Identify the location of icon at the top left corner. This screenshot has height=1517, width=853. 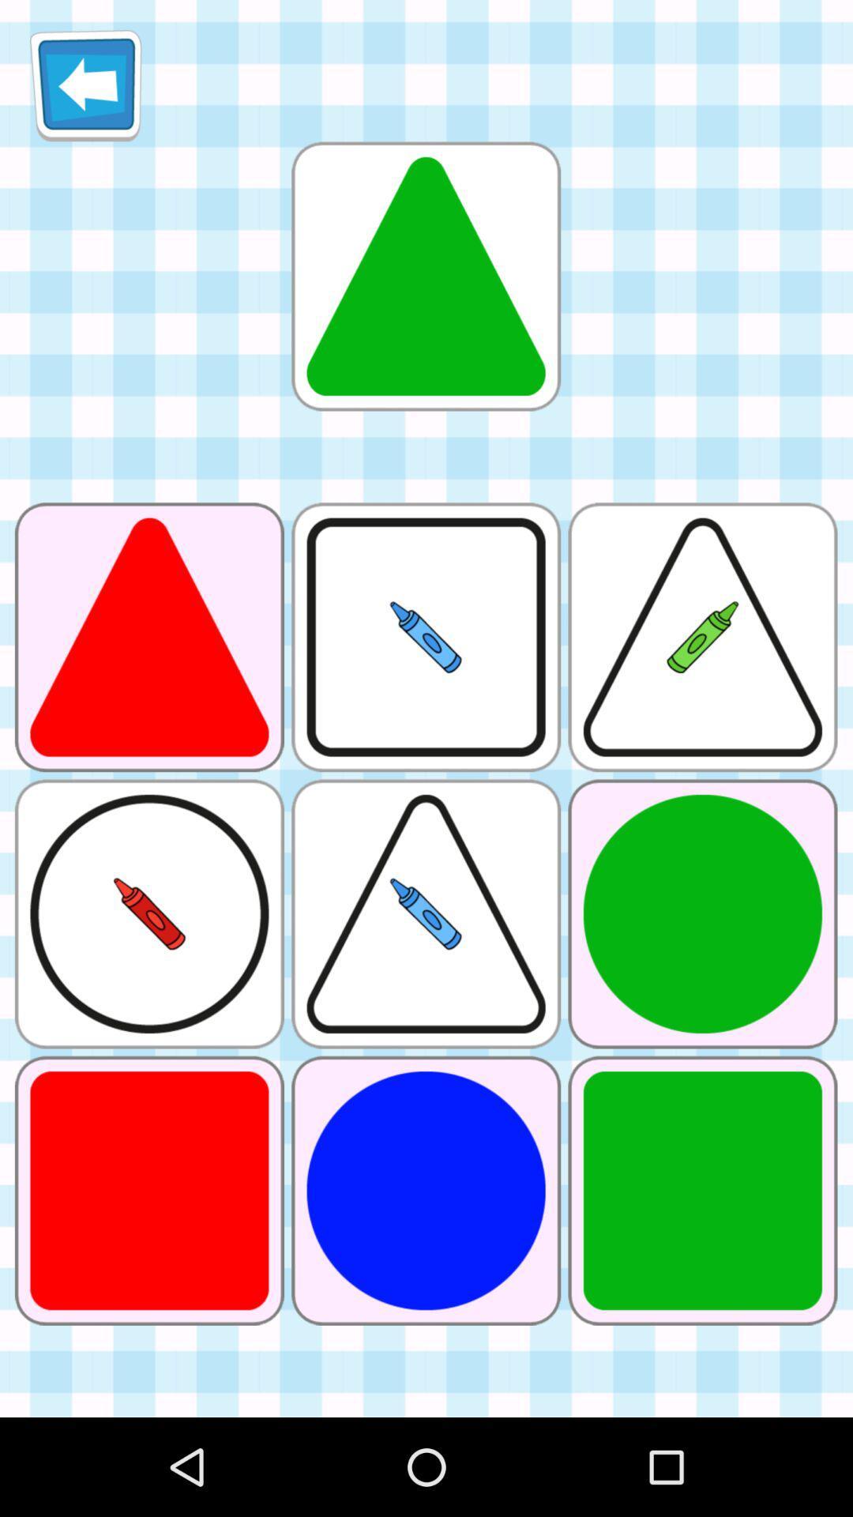
(85, 85).